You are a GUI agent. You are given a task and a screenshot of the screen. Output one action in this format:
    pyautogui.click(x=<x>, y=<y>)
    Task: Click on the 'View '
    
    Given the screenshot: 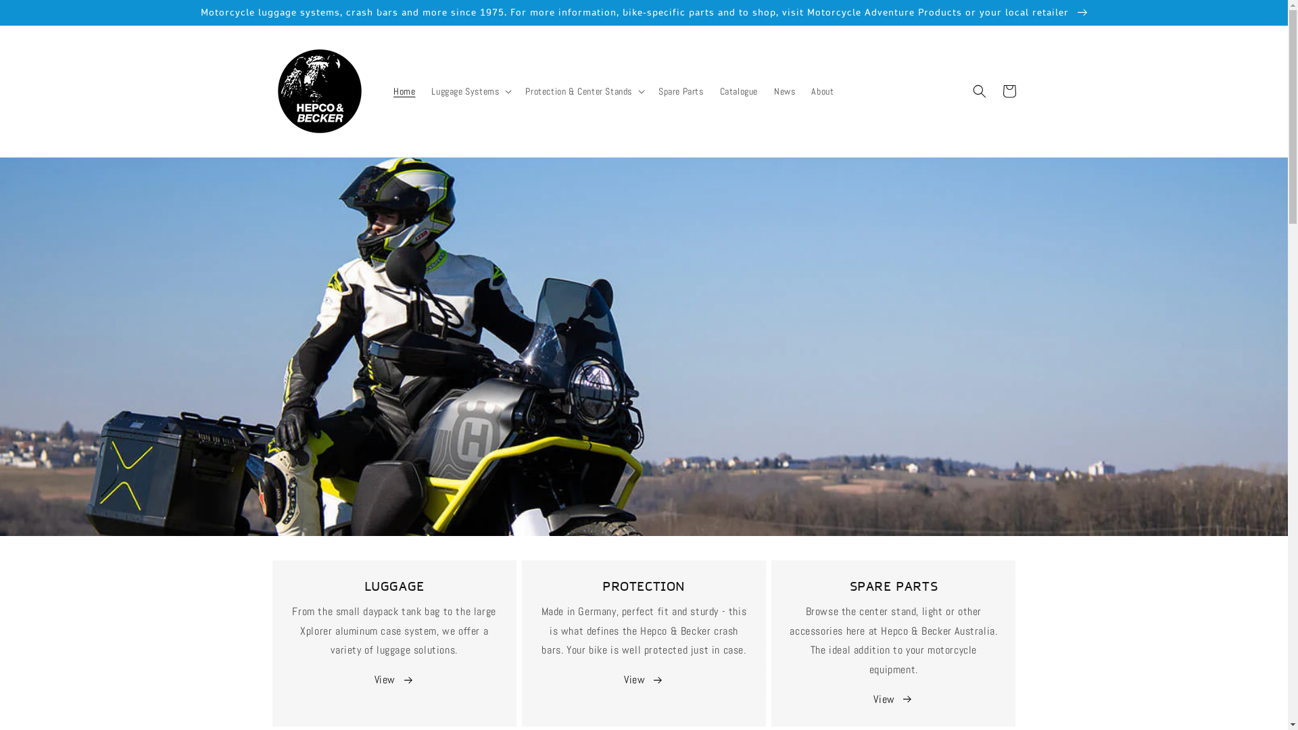 What is the action you would take?
    pyautogui.click(x=893, y=700)
    